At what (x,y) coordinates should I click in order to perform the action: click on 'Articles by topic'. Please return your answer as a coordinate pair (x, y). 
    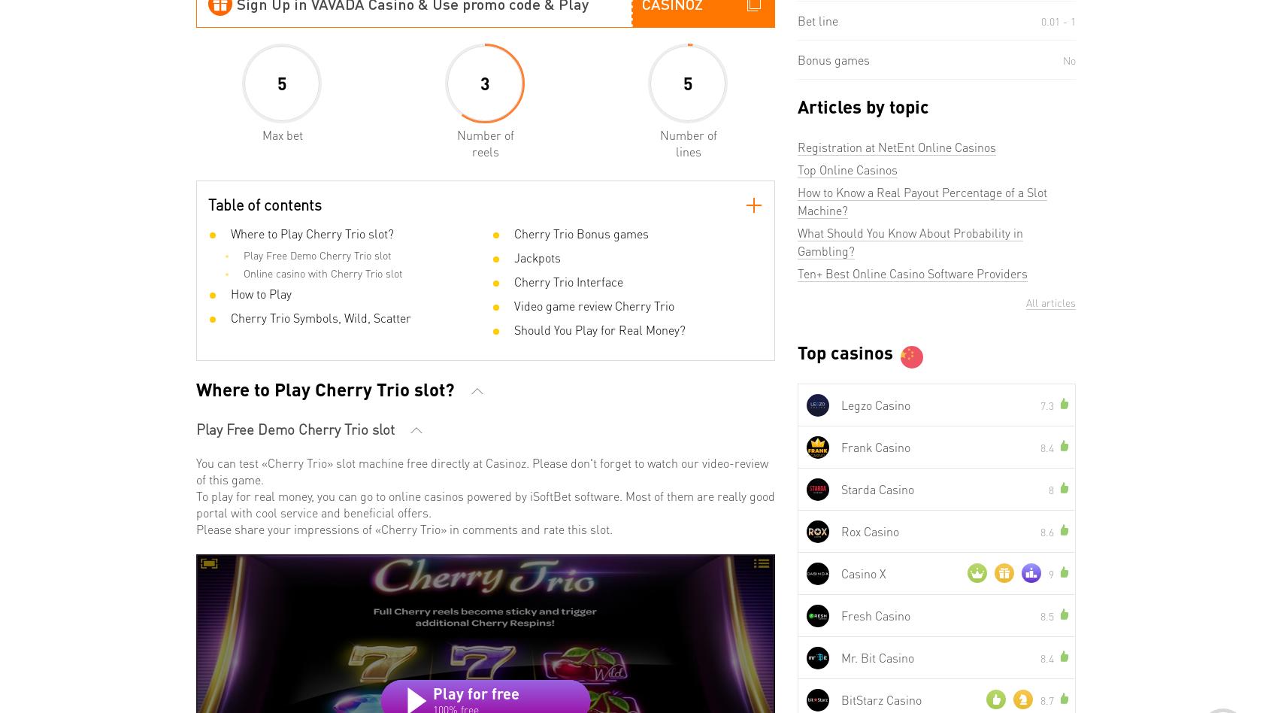
    Looking at the image, I should click on (862, 105).